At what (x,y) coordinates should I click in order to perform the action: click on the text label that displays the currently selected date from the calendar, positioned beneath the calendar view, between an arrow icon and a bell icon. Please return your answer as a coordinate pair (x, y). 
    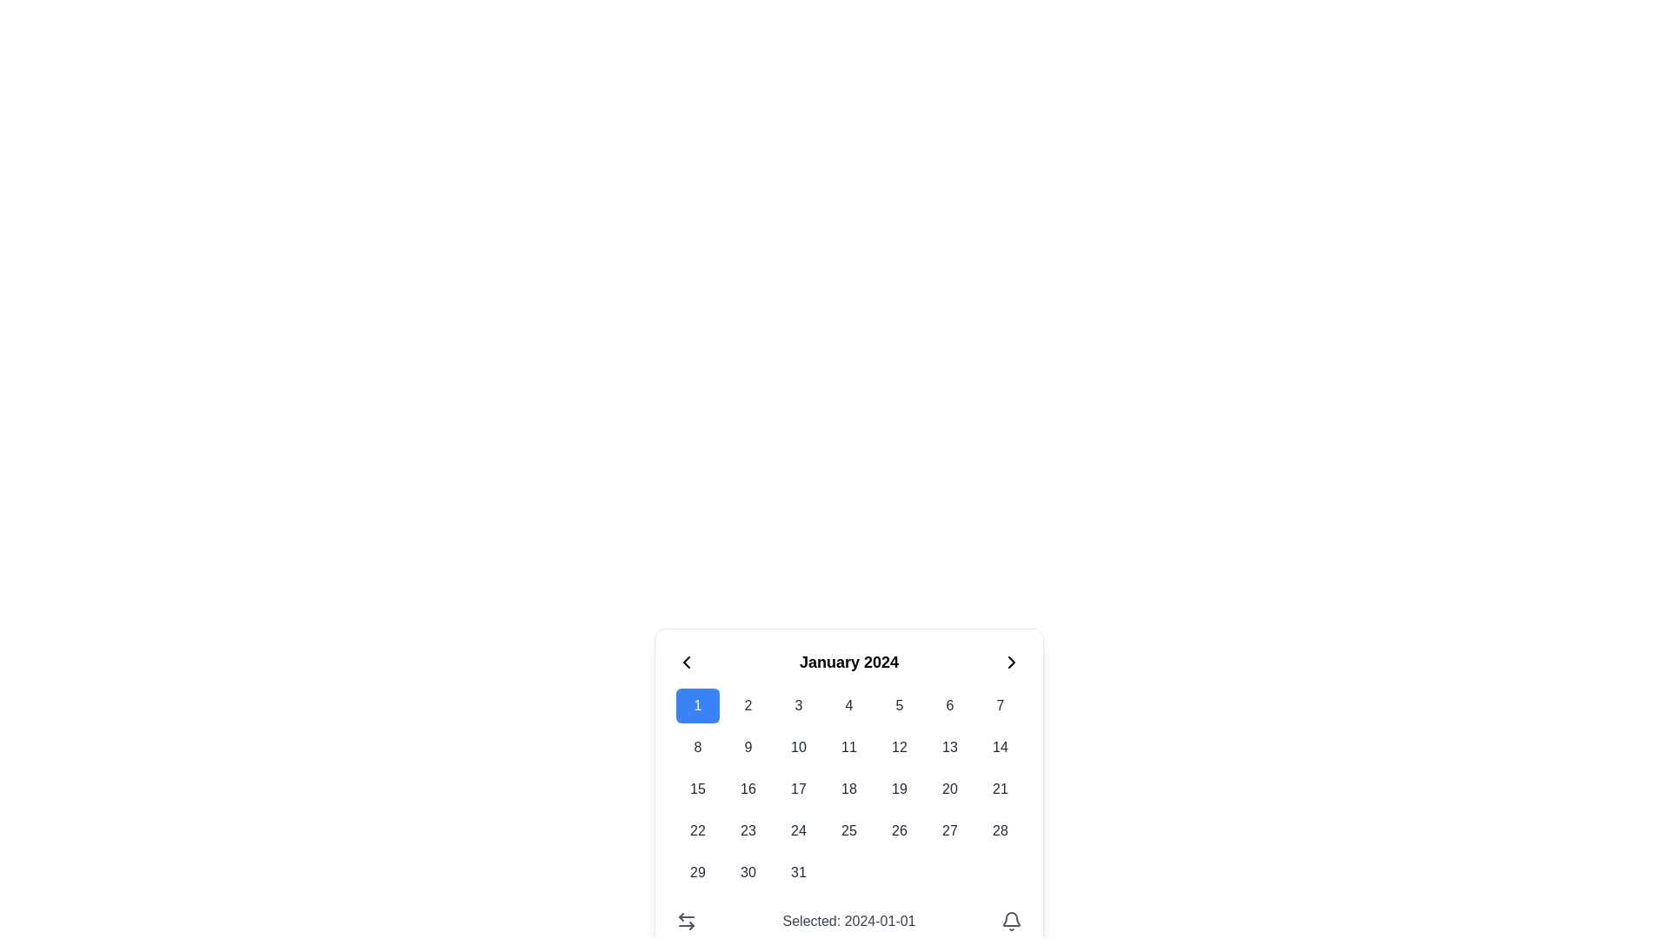
    Looking at the image, I should click on (849, 921).